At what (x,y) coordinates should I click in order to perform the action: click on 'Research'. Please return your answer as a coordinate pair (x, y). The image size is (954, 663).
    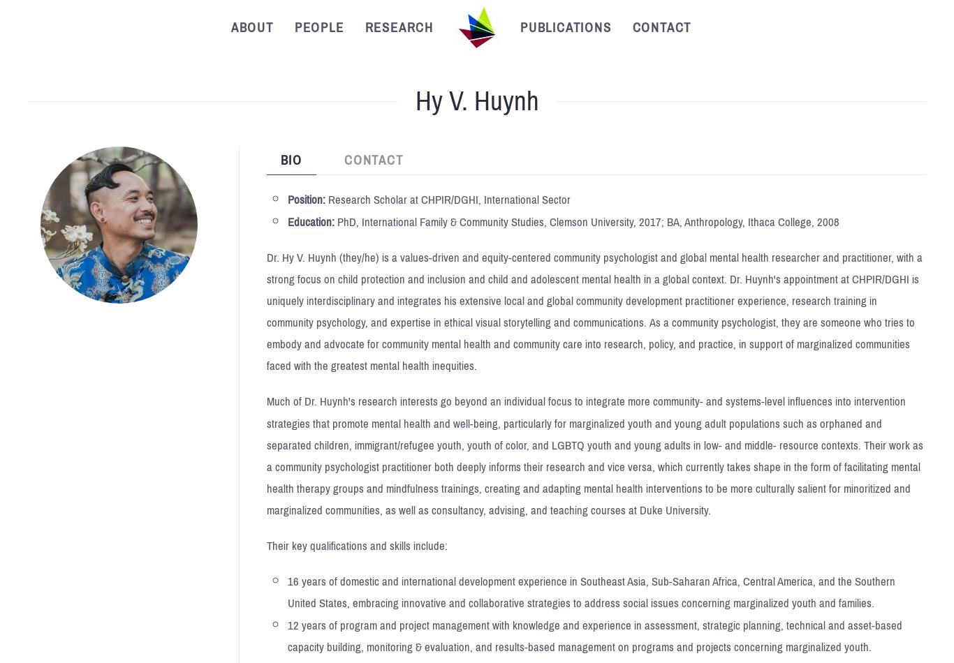
    Looking at the image, I should click on (398, 27).